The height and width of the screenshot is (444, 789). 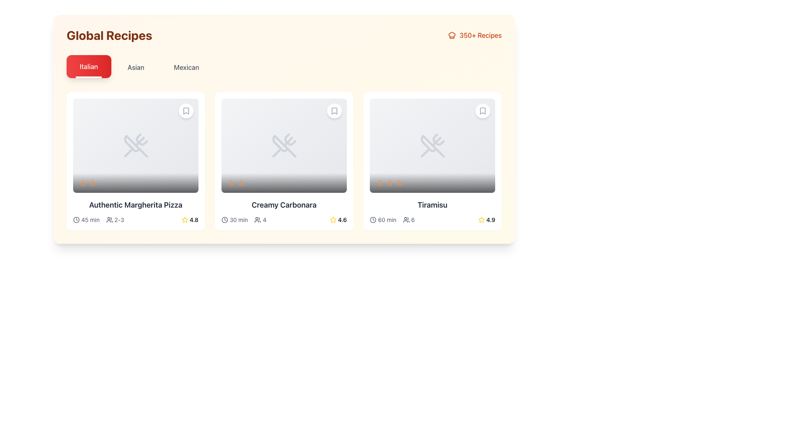 I want to click on the value of the text label displaying the number '6', which is styled in gray and positioned next to a group of users icon, as the second item in a horizontal layout, so click(x=408, y=219).